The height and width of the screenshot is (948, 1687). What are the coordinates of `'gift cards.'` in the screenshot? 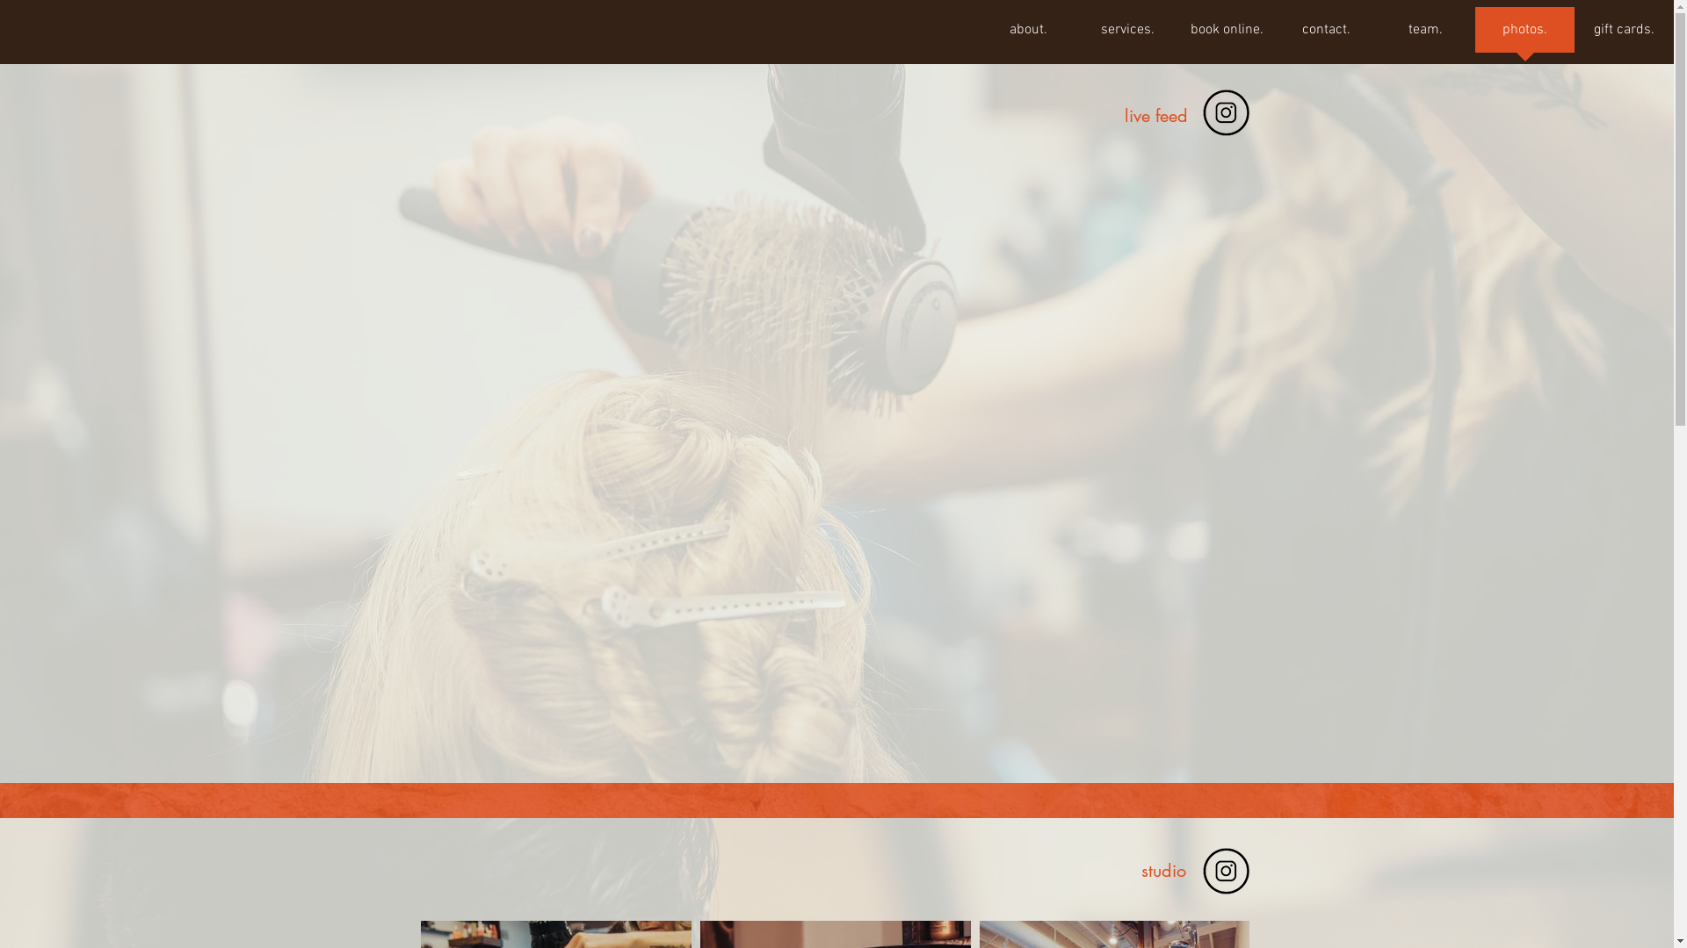 It's located at (1623, 35).